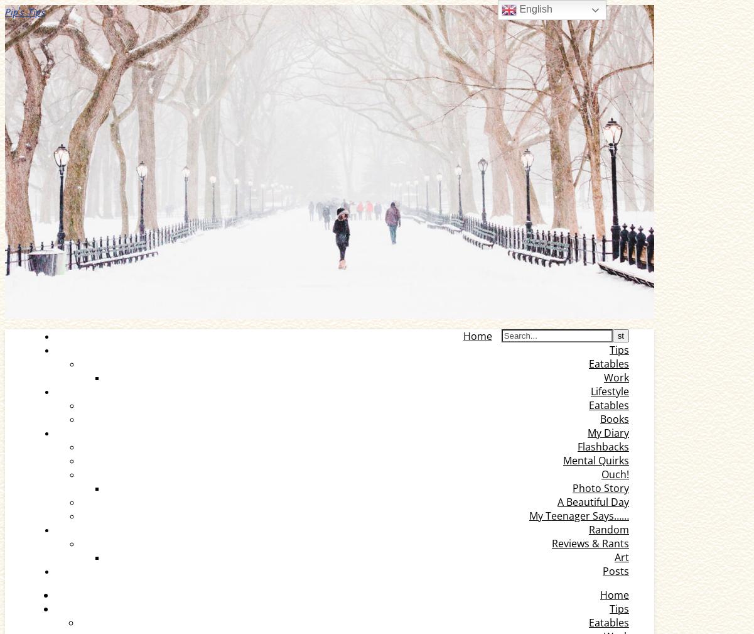  What do you see at coordinates (622, 557) in the screenshot?
I see `'Art'` at bounding box center [622, 557].